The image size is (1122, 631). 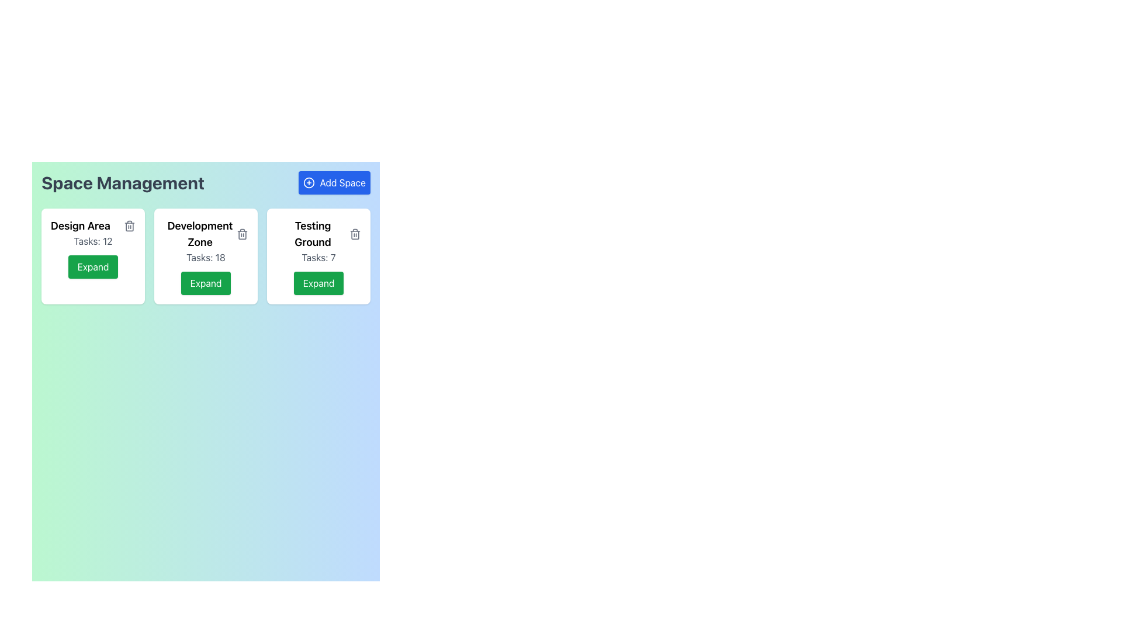 I want to click on the fourth button located below the 'Tasks: 12' label in the 'Design Area' section, so click(x=92, y=266).